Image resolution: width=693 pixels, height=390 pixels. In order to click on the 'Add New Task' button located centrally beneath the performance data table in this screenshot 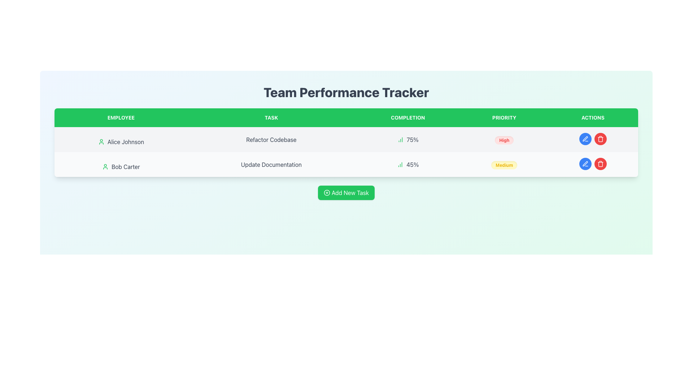, I will do `click(346, 192)`.